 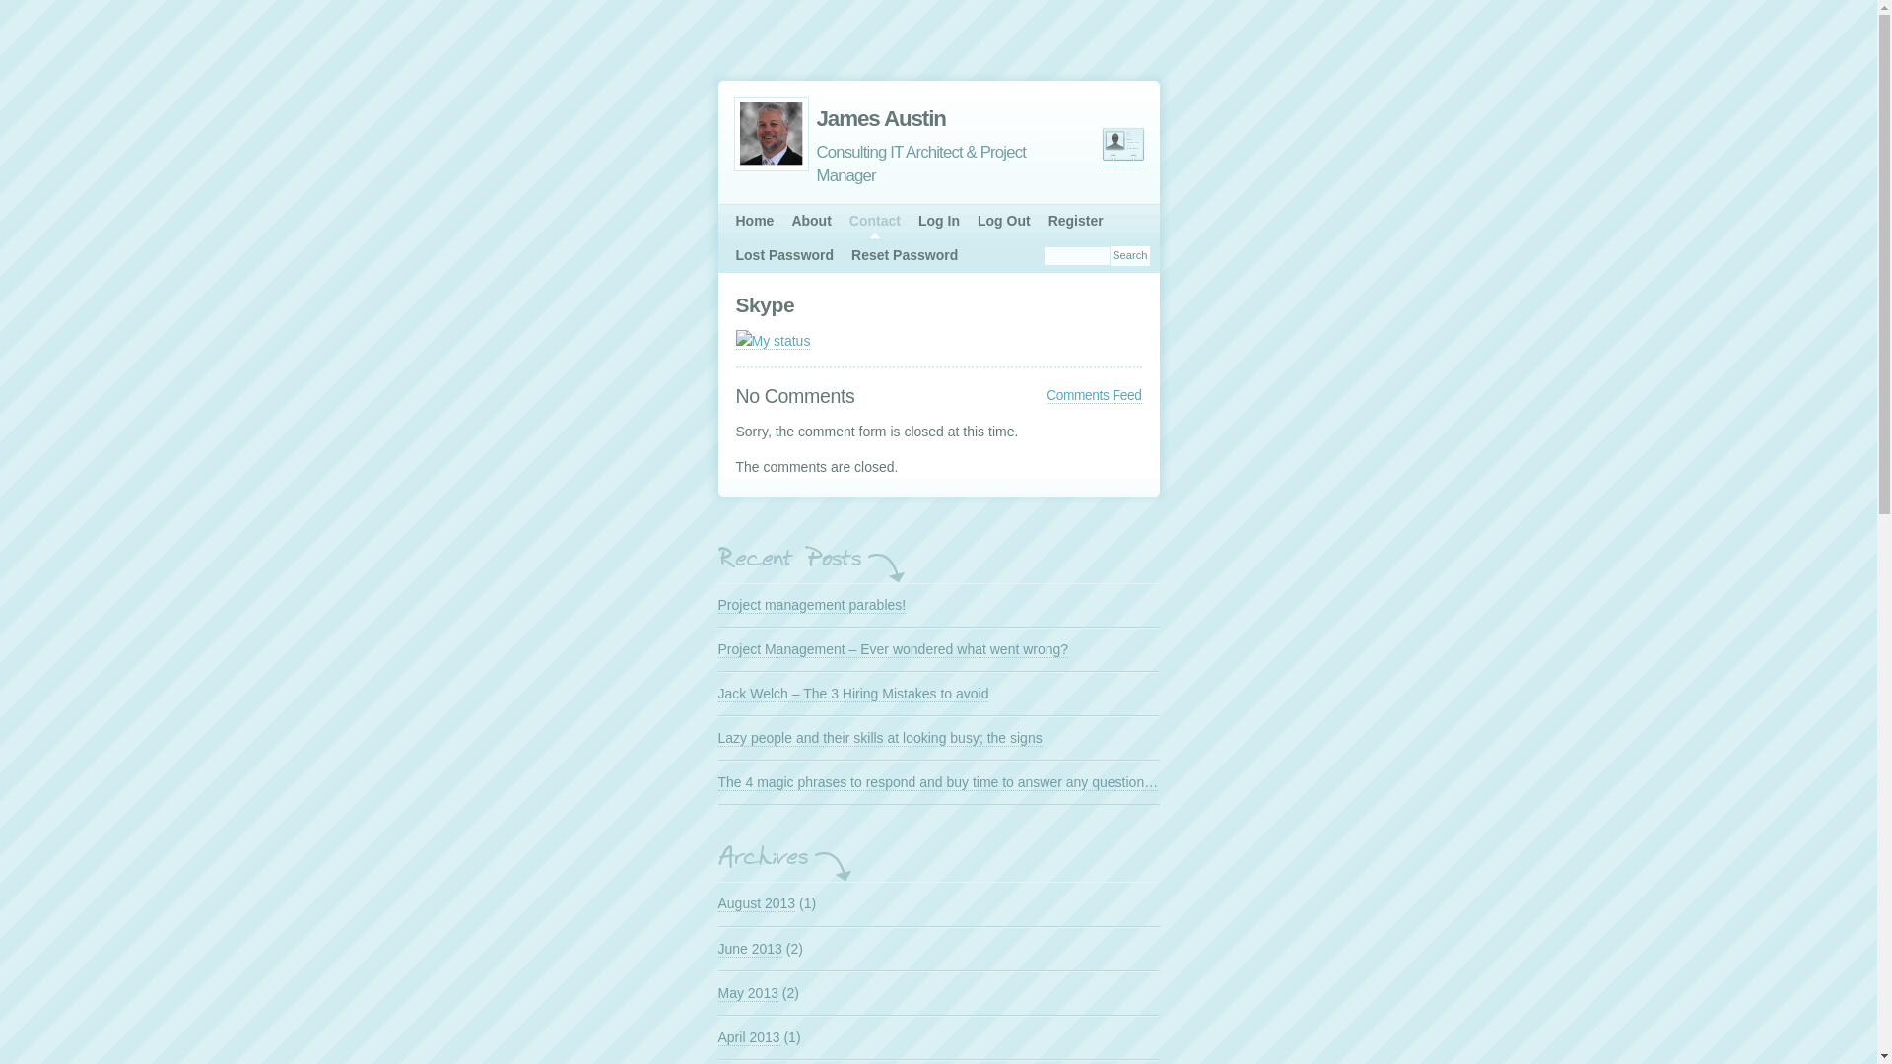 I want to click on 'May 2013', so click(x=746, y=993).